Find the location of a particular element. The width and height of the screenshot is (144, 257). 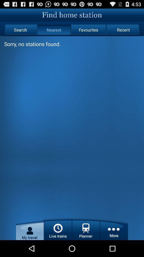

the search icon is located at coordinates (20, 30).